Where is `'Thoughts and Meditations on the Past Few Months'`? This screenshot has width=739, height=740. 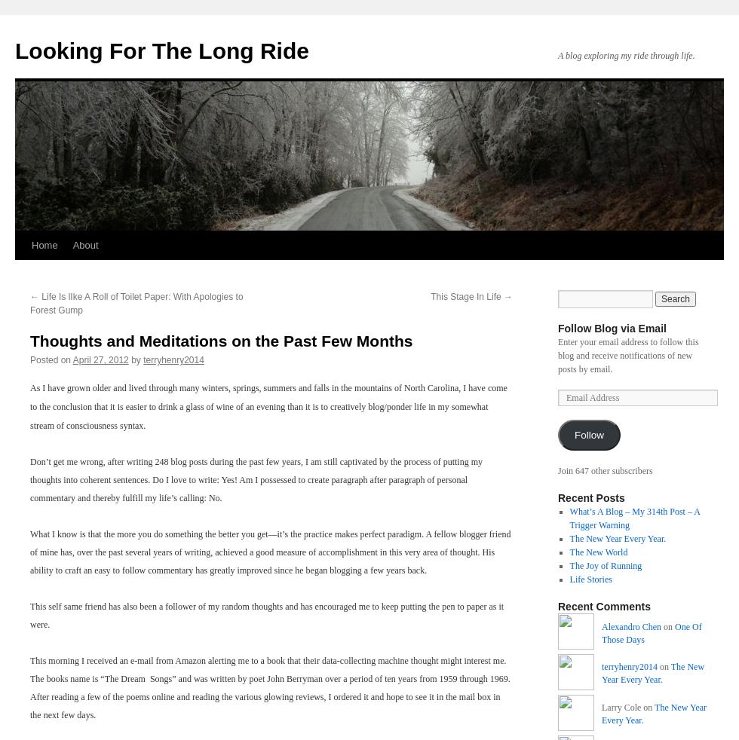 'Thoughts and Meditations on the Past Few Months' is located at coordinates (29, 341).